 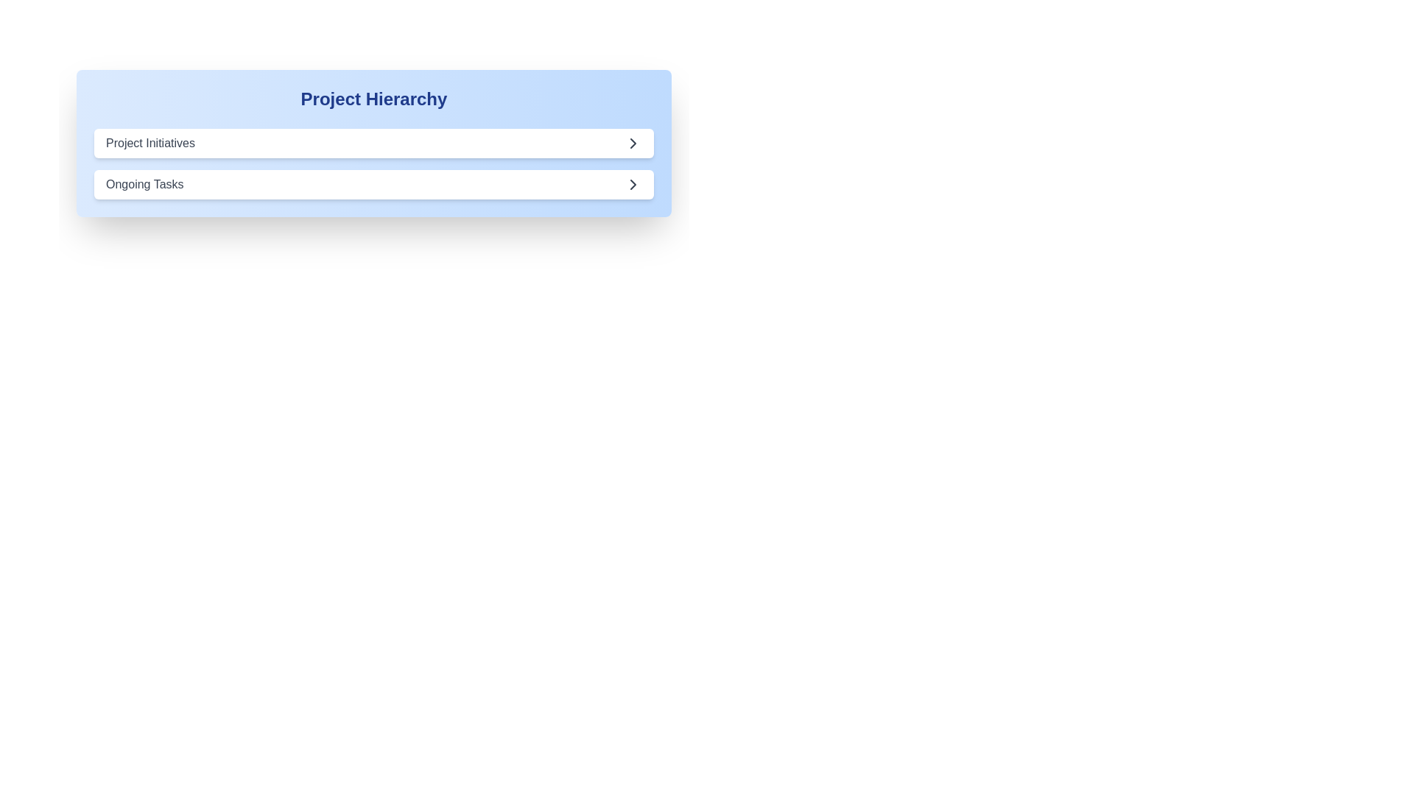 I want to click on the rightward pointing chevron arrow icon located at the right end of the top list item under 'Project Hierarchy', so click(x=633, y=144).